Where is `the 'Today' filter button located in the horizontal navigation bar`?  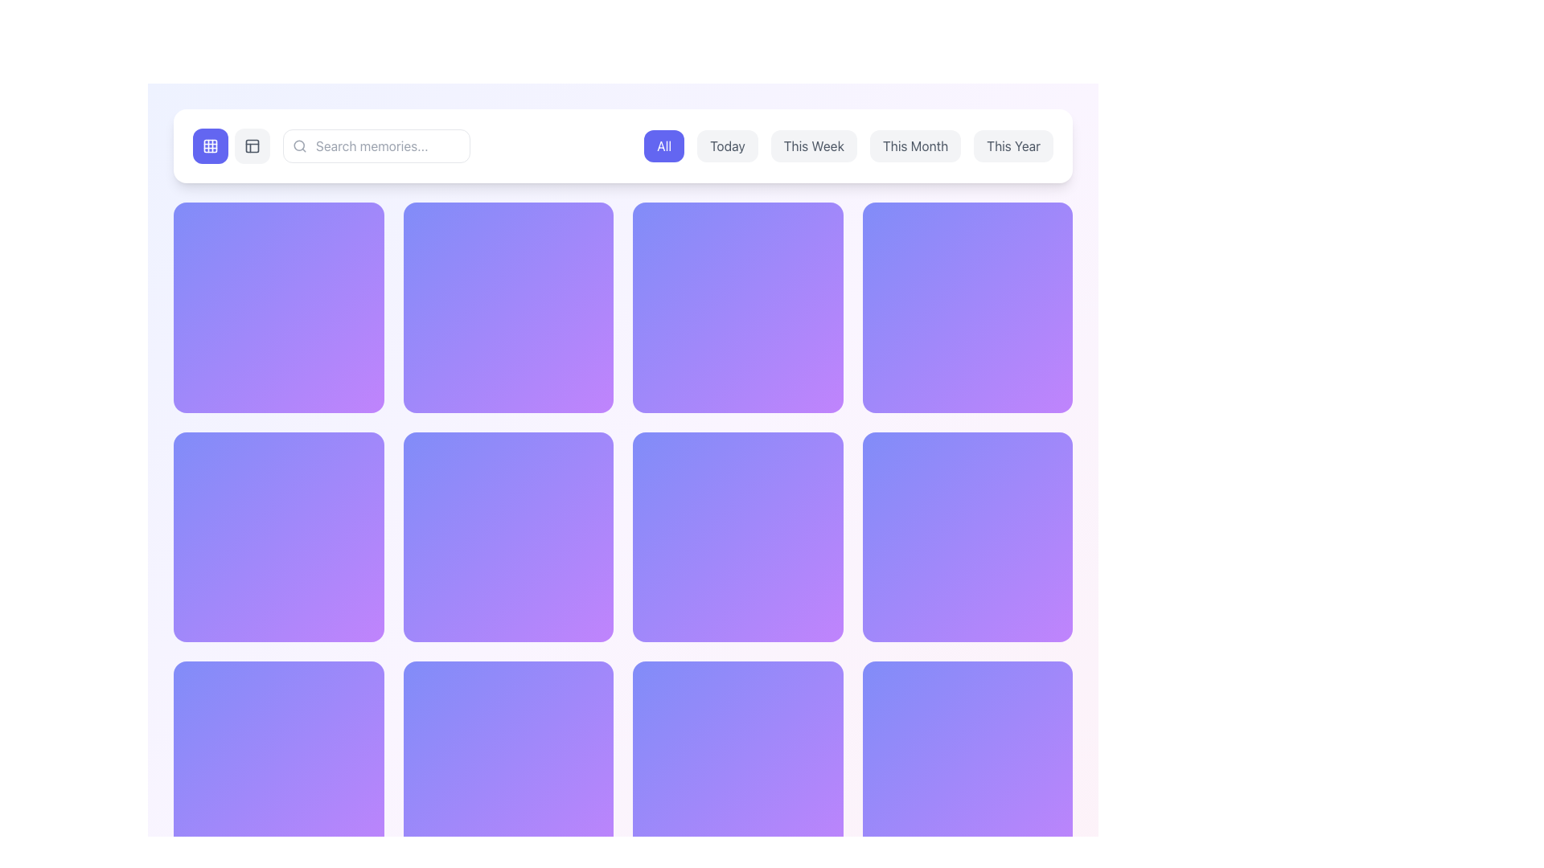 the 'Today' filter button located in the horizontal navigation bar is located at coordinates (726, 145).